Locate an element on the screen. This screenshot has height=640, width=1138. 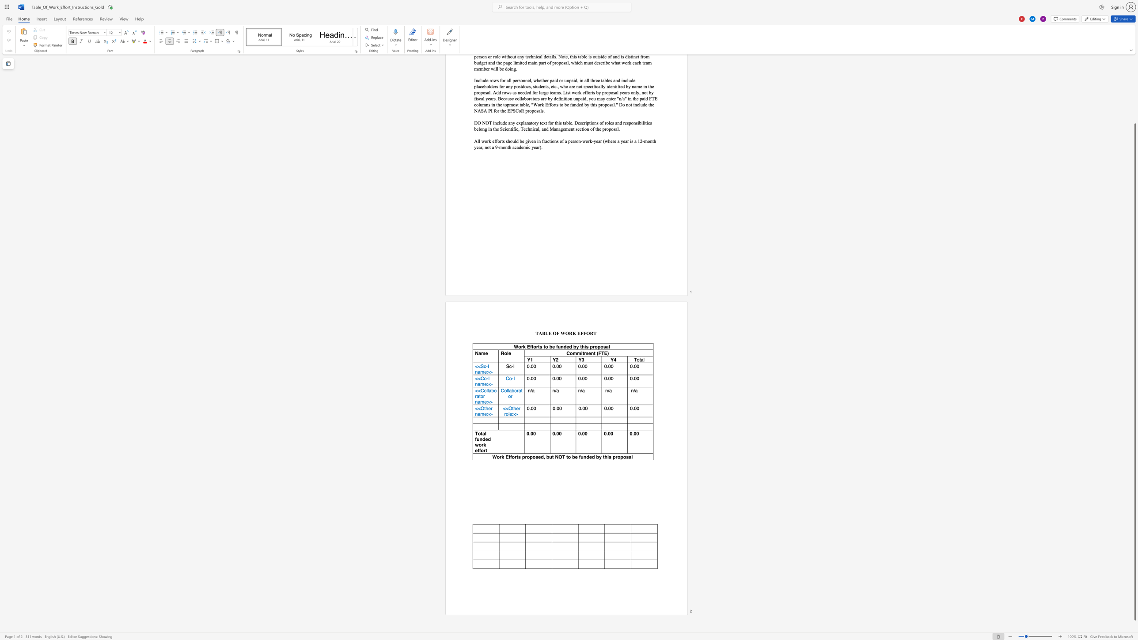
the scrollbar on the right side to scroll the page up is located at coordinates (1134, 77).